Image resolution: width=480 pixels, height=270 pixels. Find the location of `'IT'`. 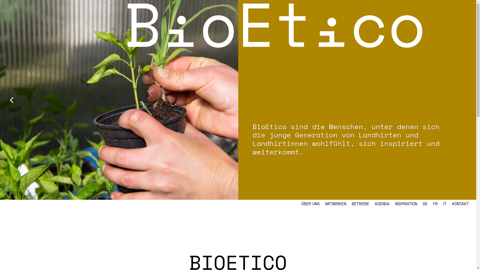

'IT' is located at coordinates (443, 204).